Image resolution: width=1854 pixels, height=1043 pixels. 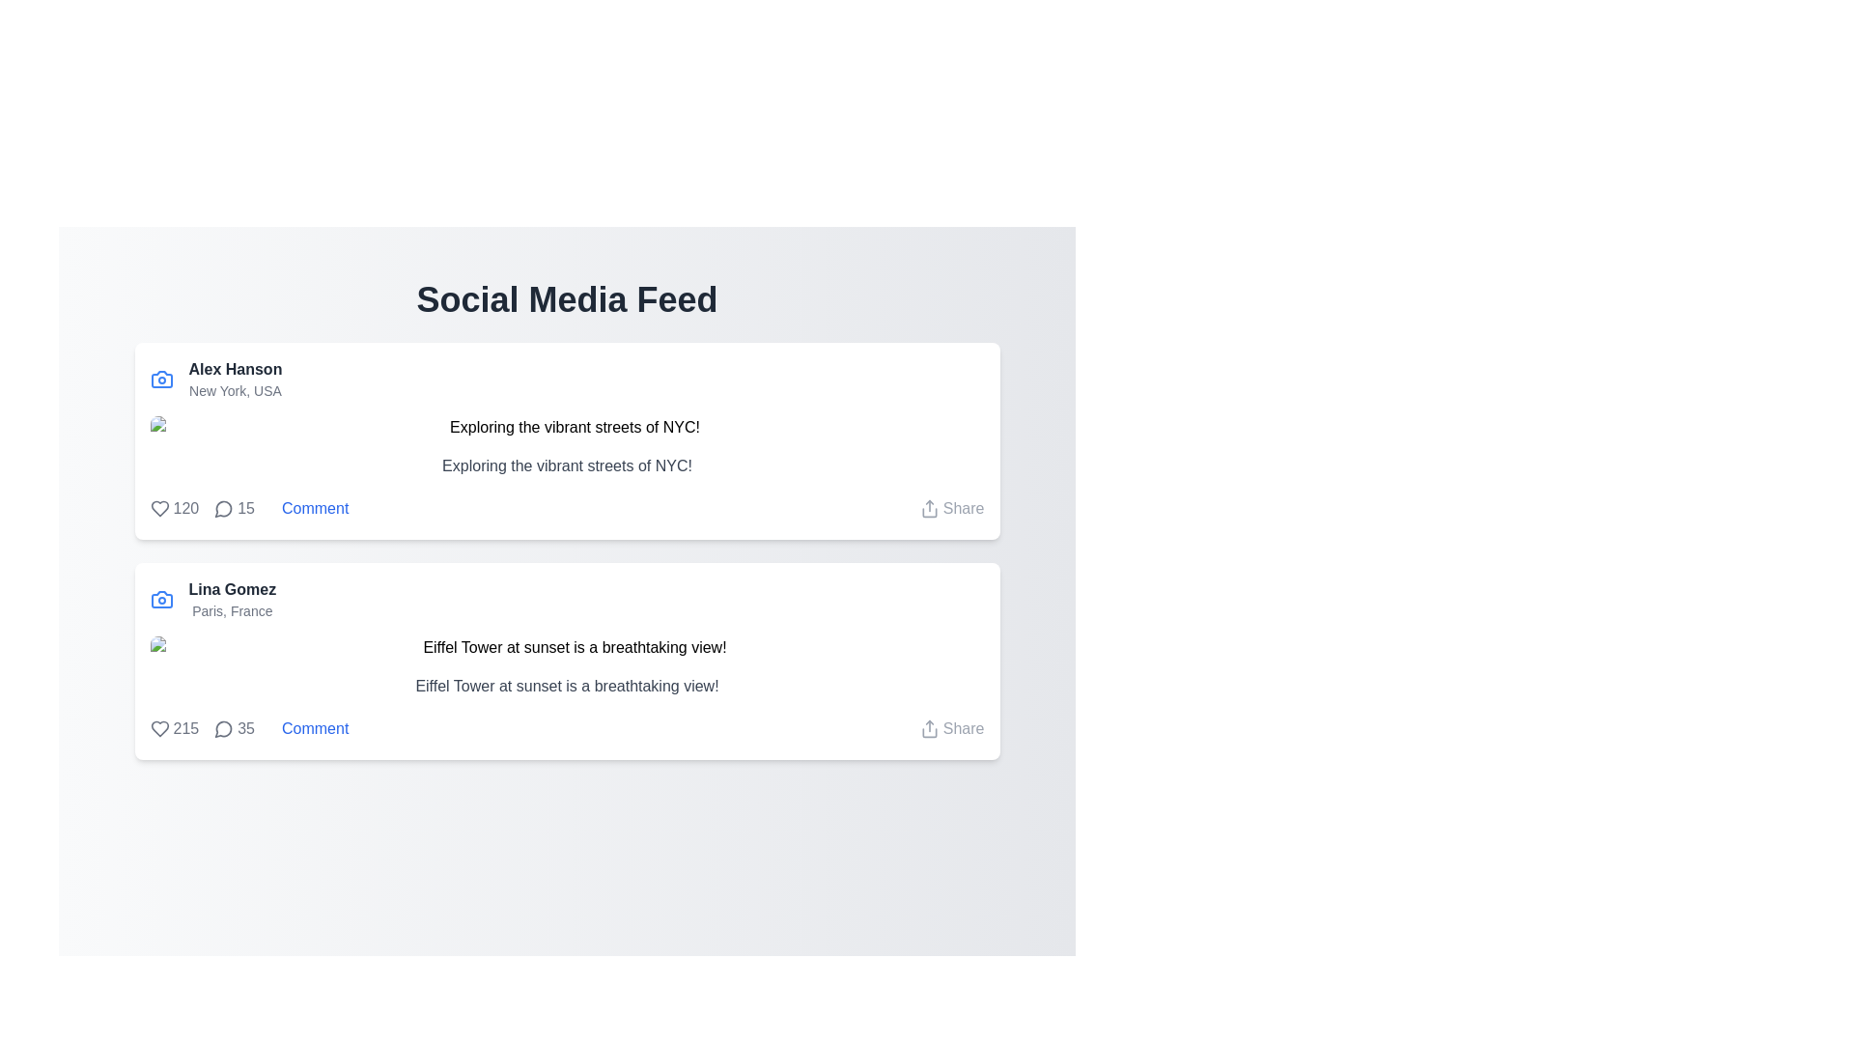 What do you see at coordinates (929, 508) in the screenshot?
I see `the share icon, which is represented by an upward arrow with a line extending from a rectangular base, located to the right of the 'Share' label` at bounding box center [929, 508].